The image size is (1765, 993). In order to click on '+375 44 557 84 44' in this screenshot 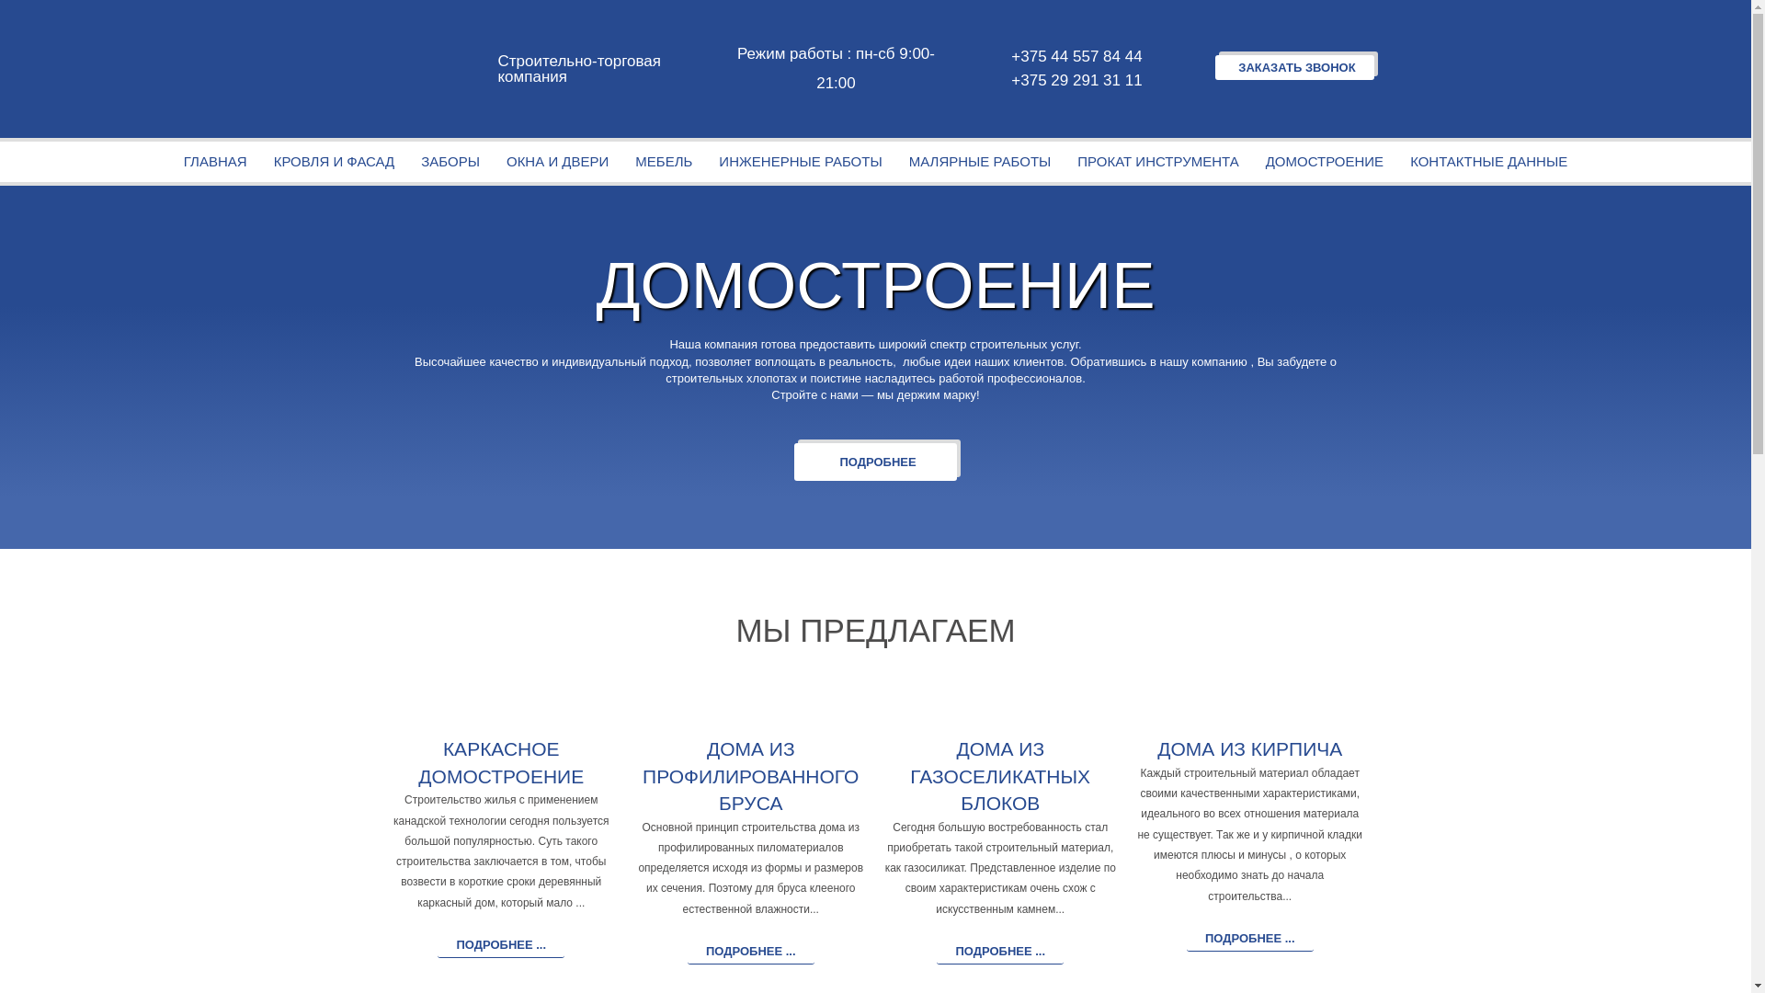, I will do `click(1074, 55)`.